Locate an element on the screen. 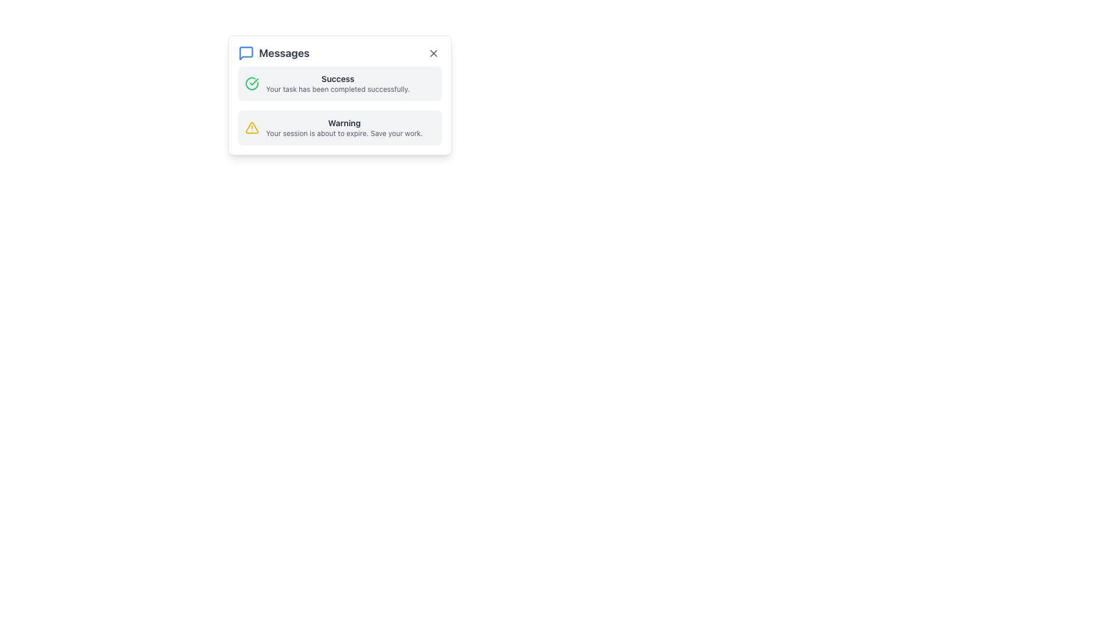 Image resolution: width=1118 pixels, height=628 pixels. the green circular icon with a checkmark indicating success, located to the left of the message text in the message box is located at coordinates (251, 83).